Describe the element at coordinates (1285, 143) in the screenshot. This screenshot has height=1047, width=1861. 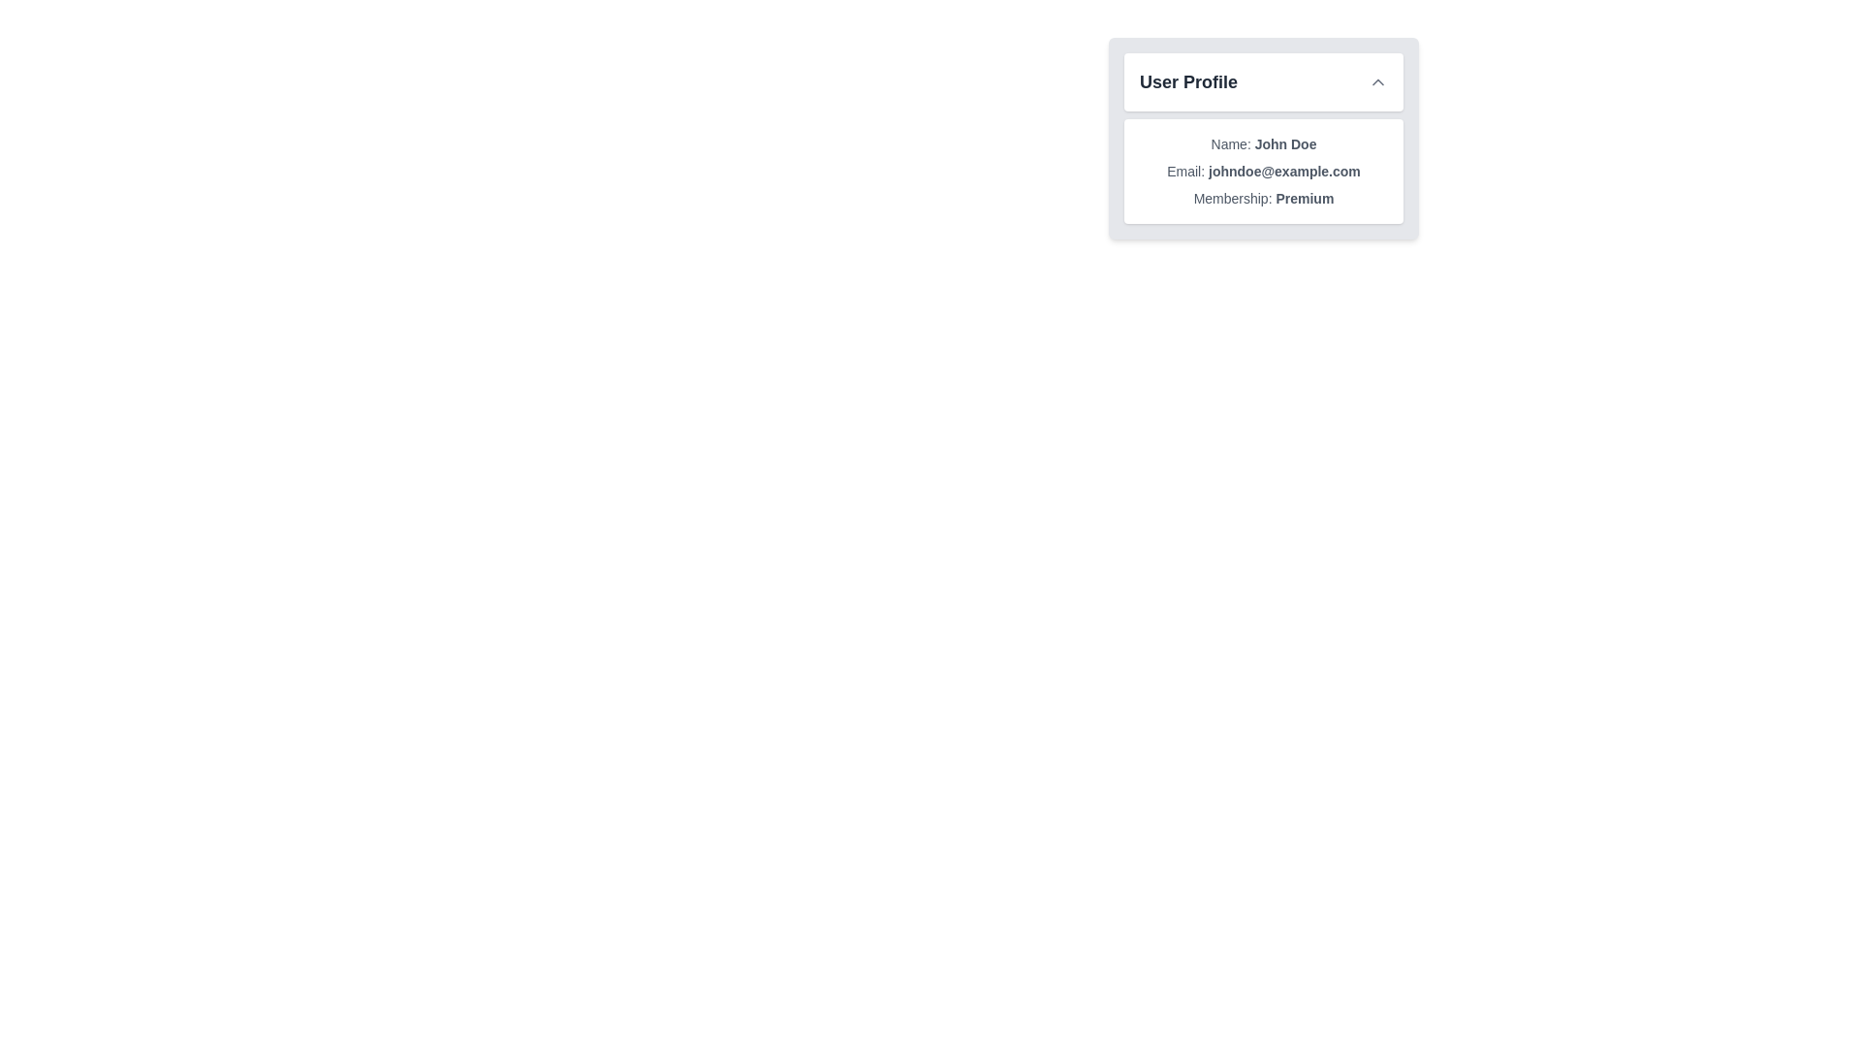
I see `the static text displaying 'John Doe' within the user profile card, which is centered under the 'Name:' label` at that location.